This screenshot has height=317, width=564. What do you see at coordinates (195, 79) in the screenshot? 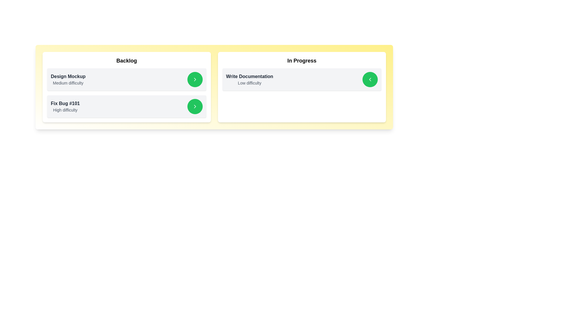
I see `right arrow button next to the task 'Design Mockup' to move it from 'Backlog' to 'In Progress'` at bounding box center [195, 79].